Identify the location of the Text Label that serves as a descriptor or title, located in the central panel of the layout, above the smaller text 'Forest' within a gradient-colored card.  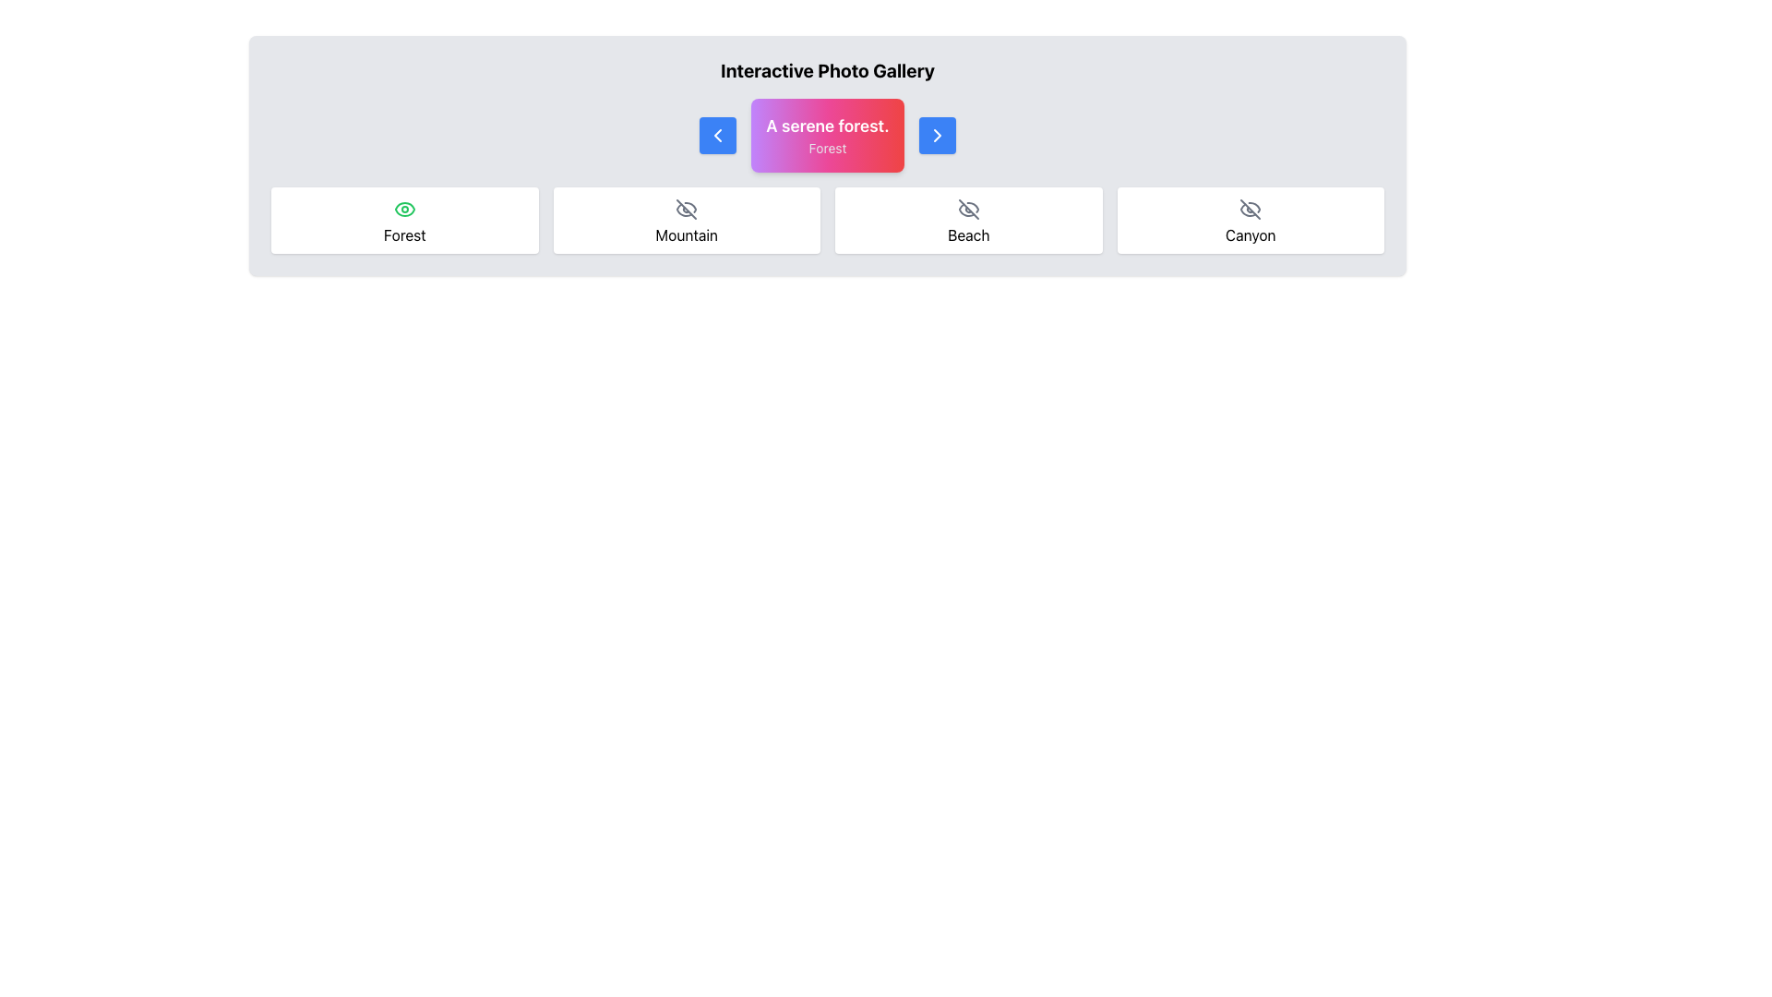
(827, 126).